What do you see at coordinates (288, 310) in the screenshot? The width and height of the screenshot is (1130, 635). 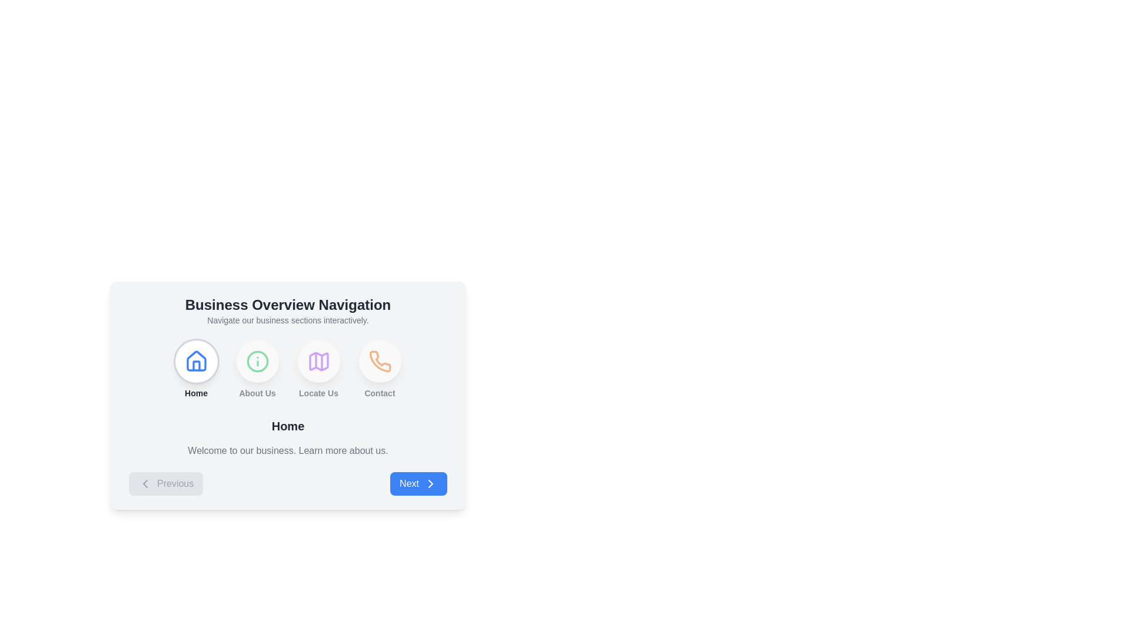 I see `text from the Header section that provides navigation through business sections, located at the top of the panel above icons like 'Home', 'About Us', 'Locate Us', and 'Contact.'` at bounding box center [288, 310].